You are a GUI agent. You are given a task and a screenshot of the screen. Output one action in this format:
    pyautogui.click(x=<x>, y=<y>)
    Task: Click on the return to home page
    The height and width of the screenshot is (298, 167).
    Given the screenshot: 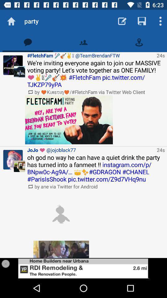 What is the action you would take?
    pyautogui.click(x=11, y=21)
    